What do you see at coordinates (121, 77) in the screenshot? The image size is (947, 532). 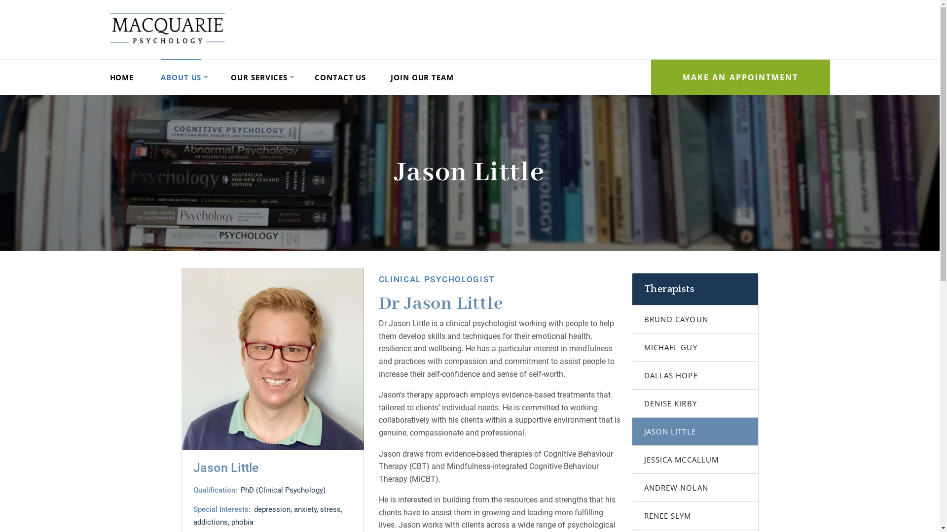 I see `'HOME'` at bounding box center [121, 77].